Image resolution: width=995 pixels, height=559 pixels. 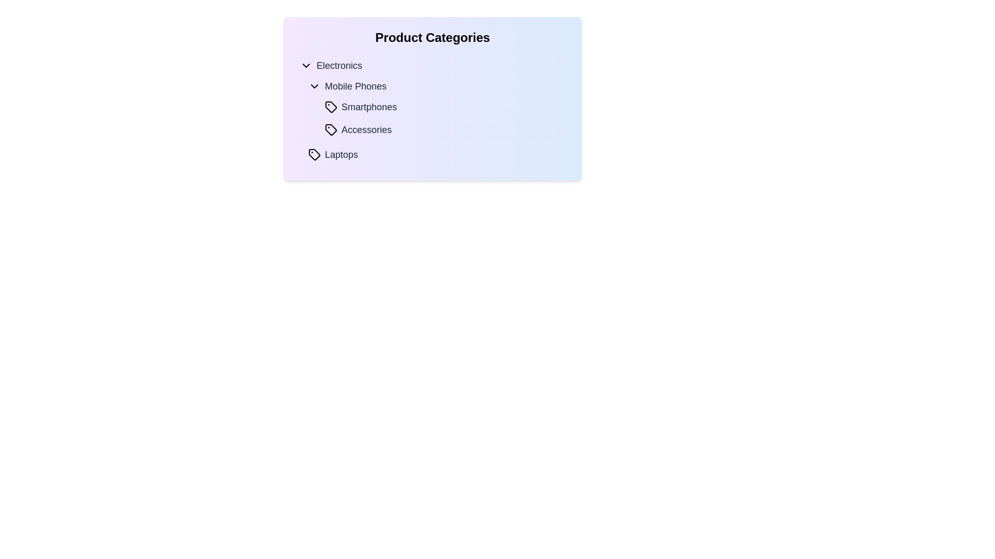 I want to click on the 'Accessories' category icon within the 'Mobile Phones' subsection of the 'Electronics' menu, so click(x=330, y=129).